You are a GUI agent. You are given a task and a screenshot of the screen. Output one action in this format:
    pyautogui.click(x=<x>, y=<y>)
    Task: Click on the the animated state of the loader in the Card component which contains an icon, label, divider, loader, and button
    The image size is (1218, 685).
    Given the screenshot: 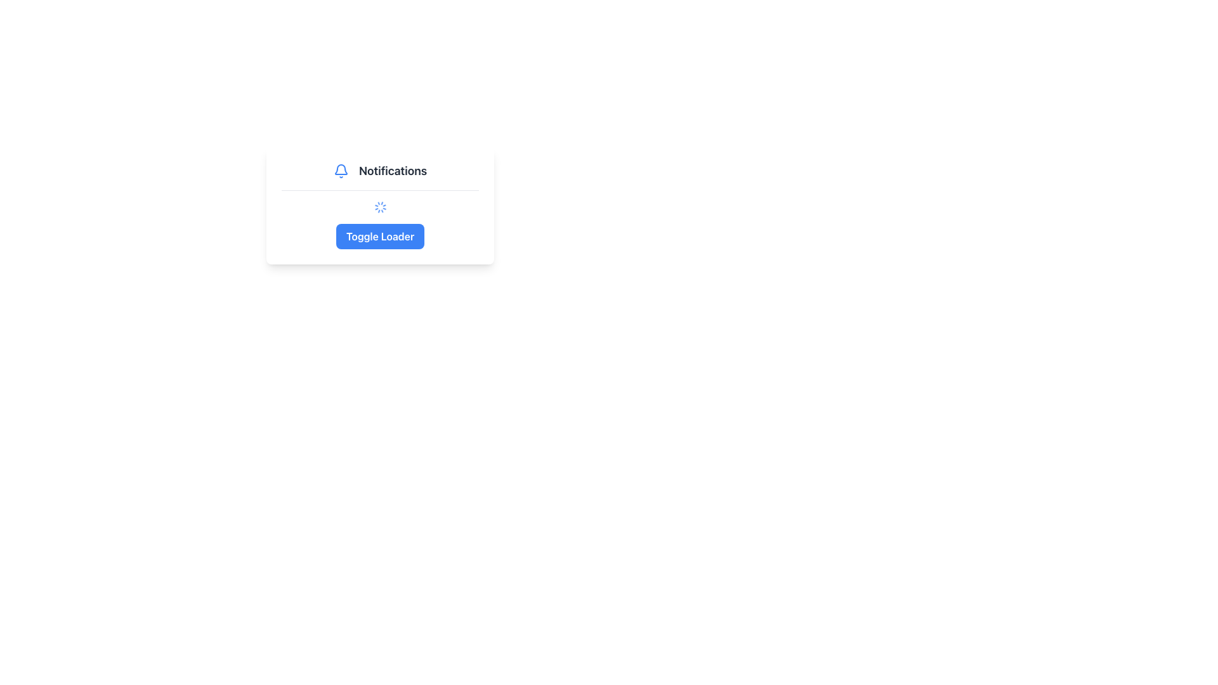 What is the action you would take?
    pyautogui.click(x=379, y=205)
    